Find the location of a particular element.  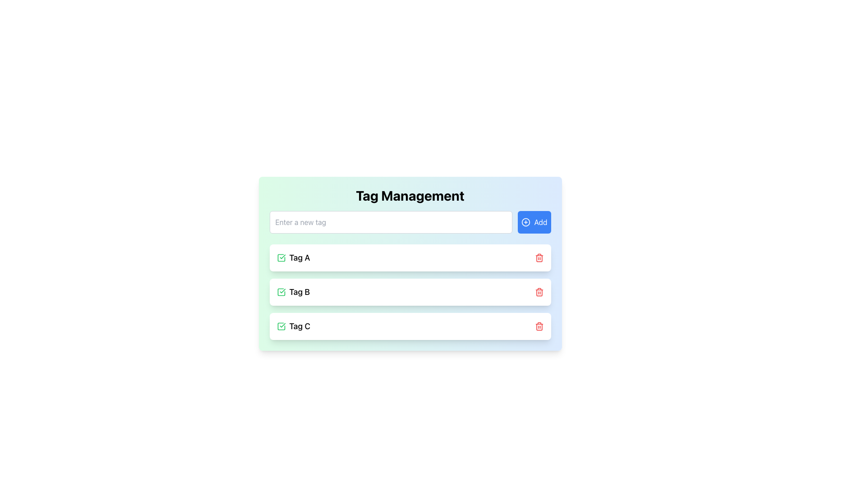

the delete button (trash icon) for the 'Tag B' entry in the list is located at coordinates (539, 292).